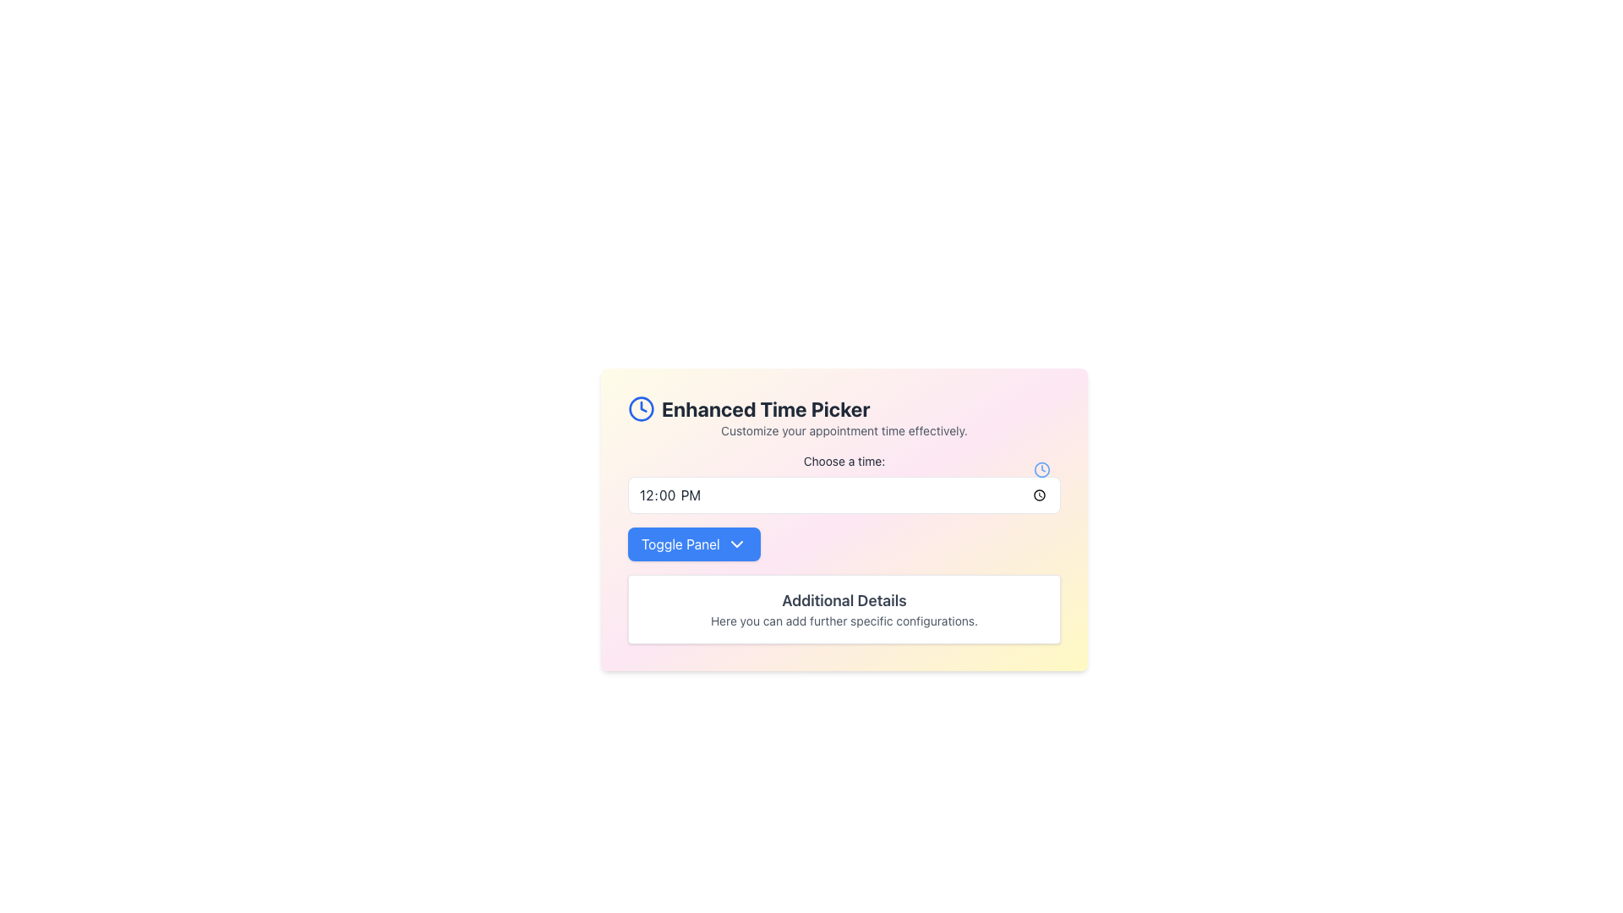  I want to click on the Informational Group located below the 'Toggle Panel' button in the 'Enhanced Time Picker' section, so click(844, 610).